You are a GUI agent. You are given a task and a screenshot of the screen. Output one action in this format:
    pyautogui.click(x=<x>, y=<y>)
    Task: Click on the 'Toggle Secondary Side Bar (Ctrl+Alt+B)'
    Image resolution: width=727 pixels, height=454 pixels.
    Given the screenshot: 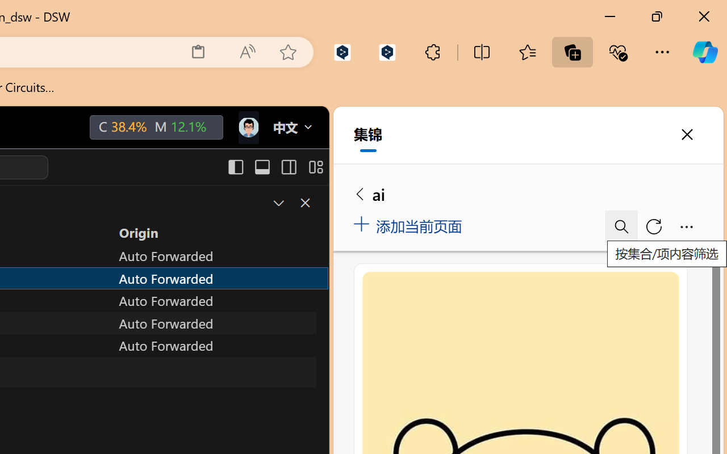 What is the action you would take?
    pyautogui.click(x=287, y=167)
    